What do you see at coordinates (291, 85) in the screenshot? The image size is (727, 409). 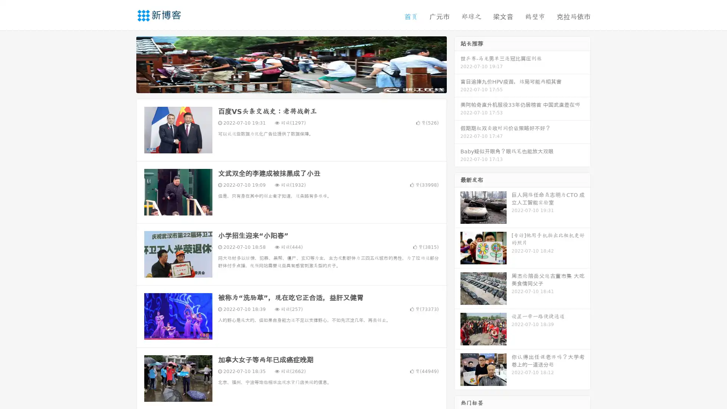 I see `Go to slide 2` at bounding box center [291, 85].